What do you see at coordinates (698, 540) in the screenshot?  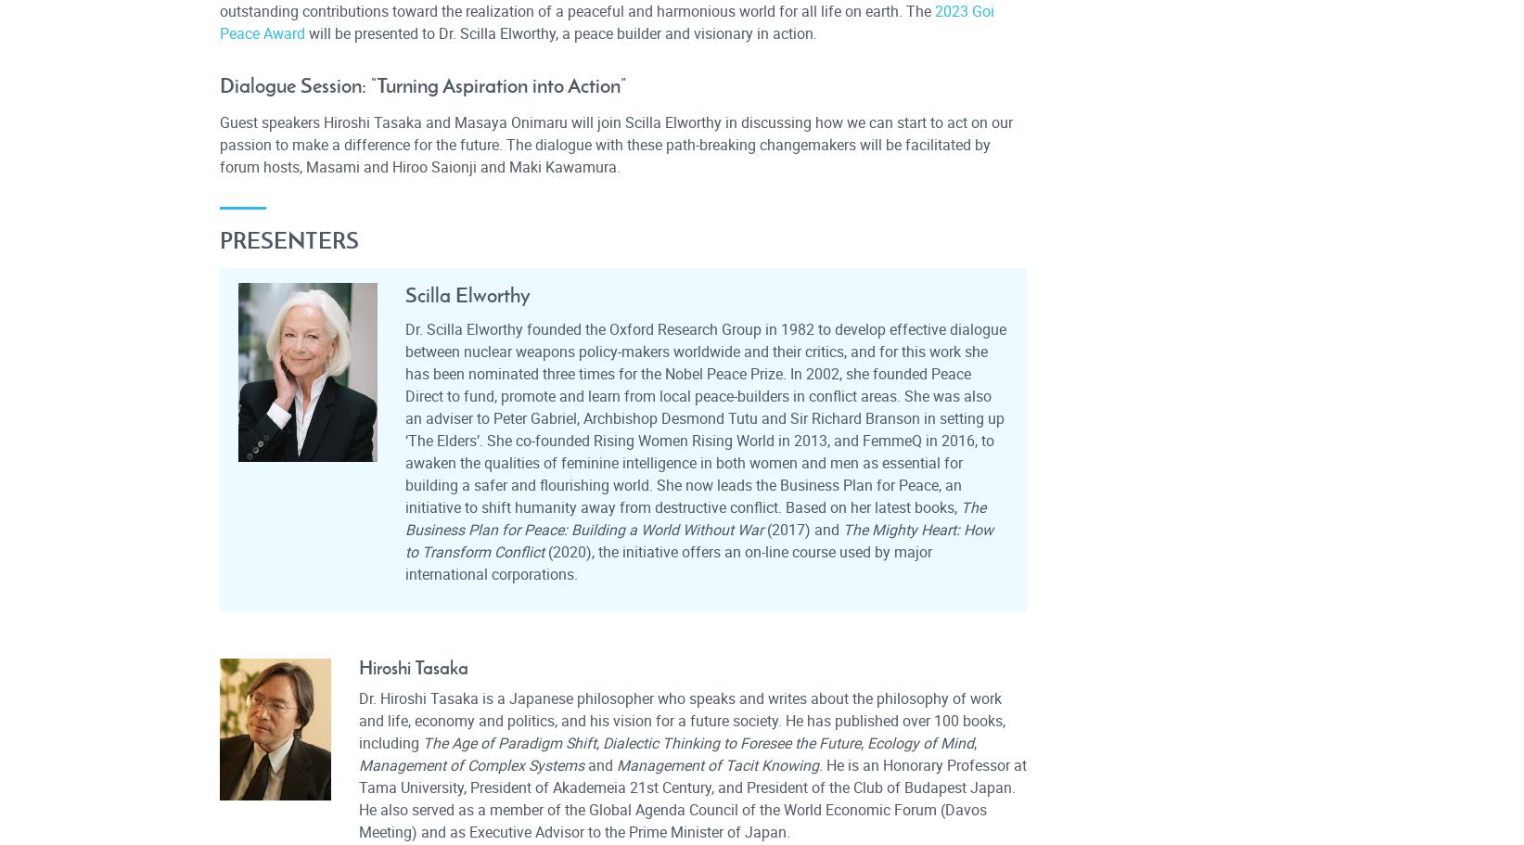 I see `'The Mighty Heart: How to Transform Conflict'` at bounding box center [698, 540].